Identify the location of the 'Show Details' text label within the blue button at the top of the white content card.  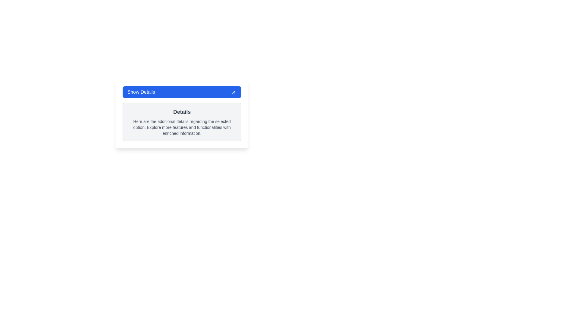
(141, 92).